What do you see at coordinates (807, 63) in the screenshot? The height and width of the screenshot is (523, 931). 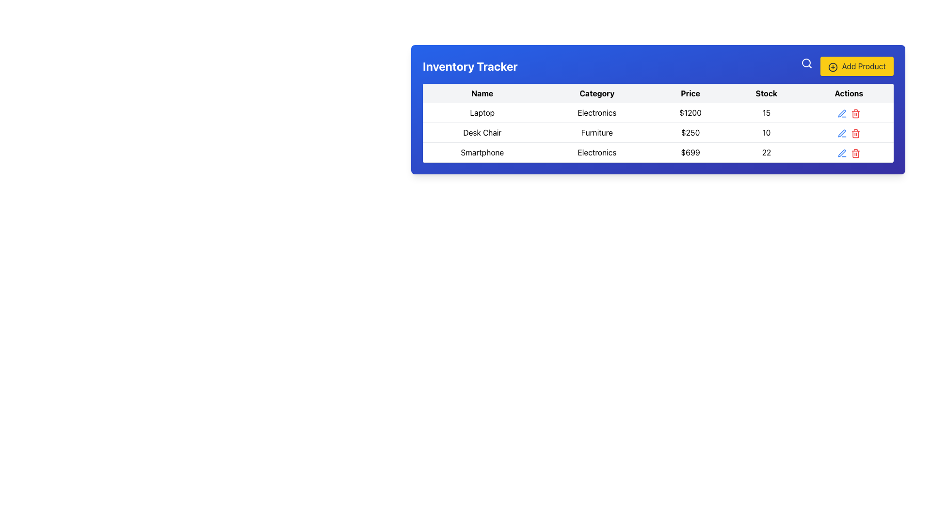 I see `the search icon in the top-right corner of the blue header section to receive additional UI feedback` at bounding box center [807, 63].